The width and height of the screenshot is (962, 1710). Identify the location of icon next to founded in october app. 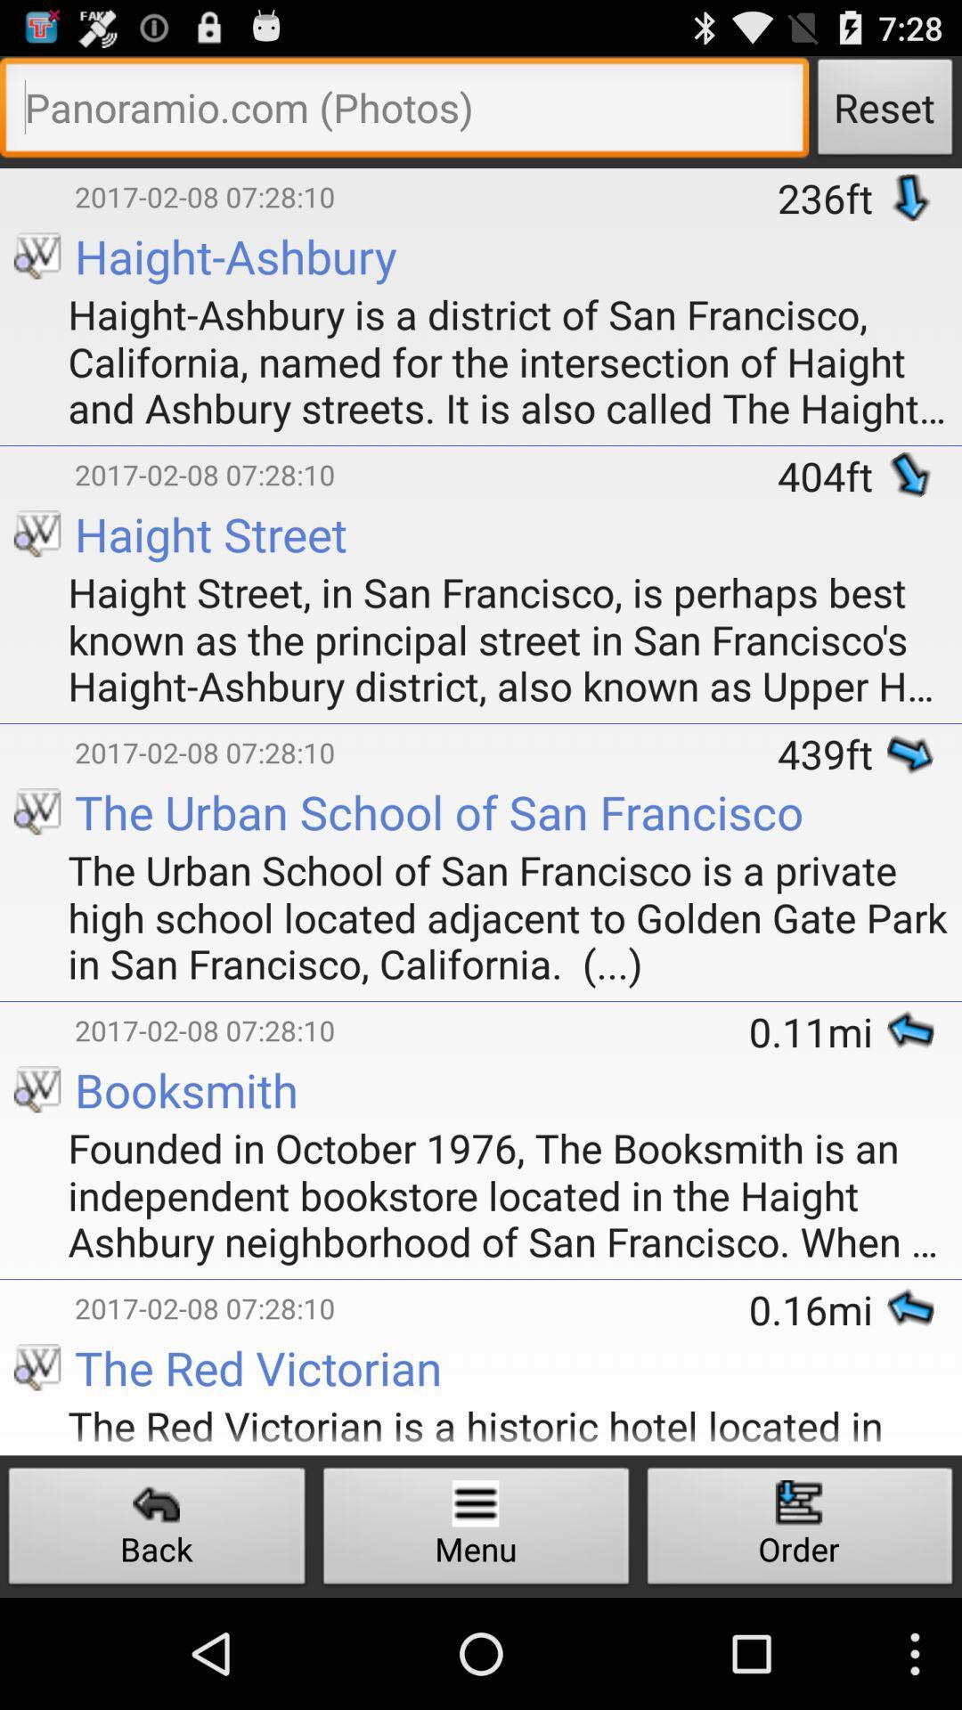
(16, 1122).